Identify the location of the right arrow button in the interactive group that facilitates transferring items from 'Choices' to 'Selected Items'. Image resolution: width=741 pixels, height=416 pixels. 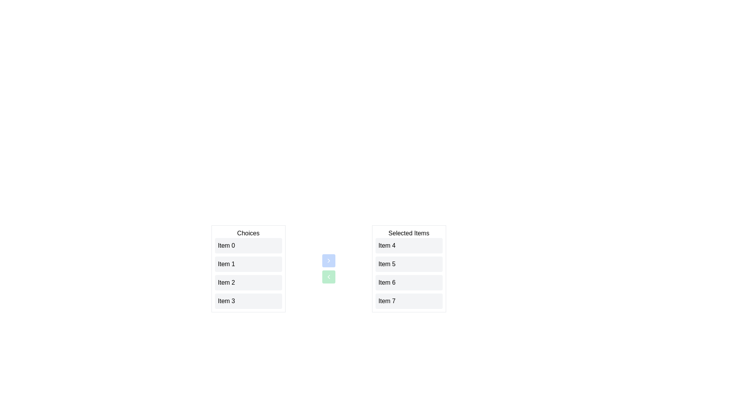
(328, 268).